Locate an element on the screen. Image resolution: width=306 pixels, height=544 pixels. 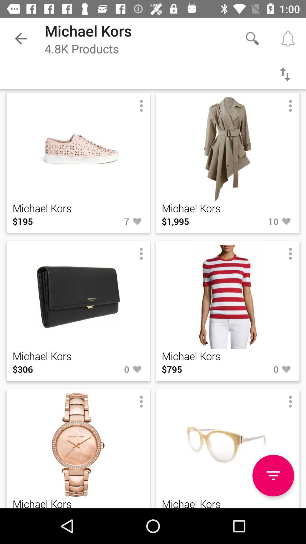
icon next to $1,995 item is located at coordinates (260, 221).